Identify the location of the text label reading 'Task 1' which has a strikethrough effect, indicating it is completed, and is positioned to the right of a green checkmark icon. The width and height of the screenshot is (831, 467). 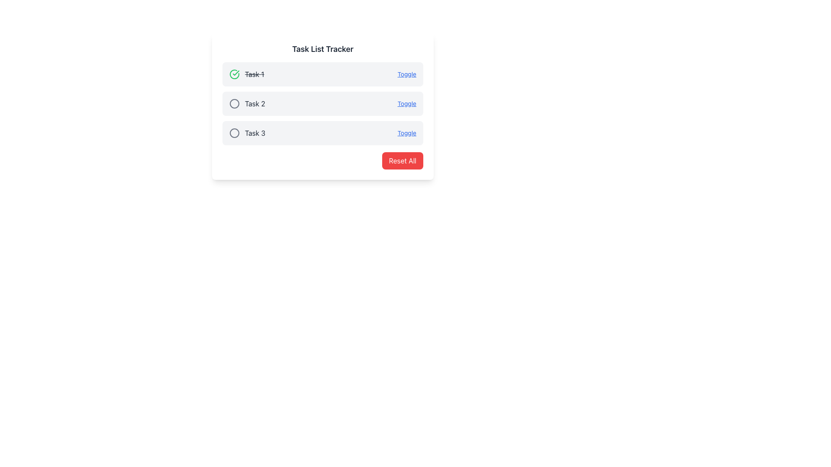
(246, 74).